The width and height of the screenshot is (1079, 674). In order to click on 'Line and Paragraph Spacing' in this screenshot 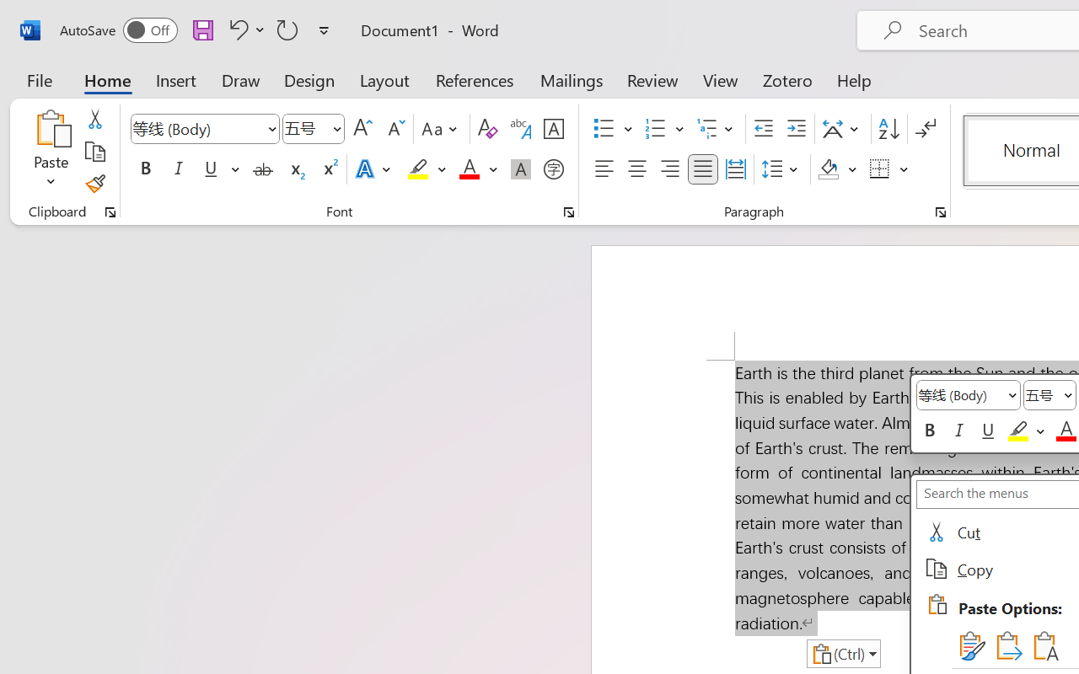, I will do `click(781, 169)`.